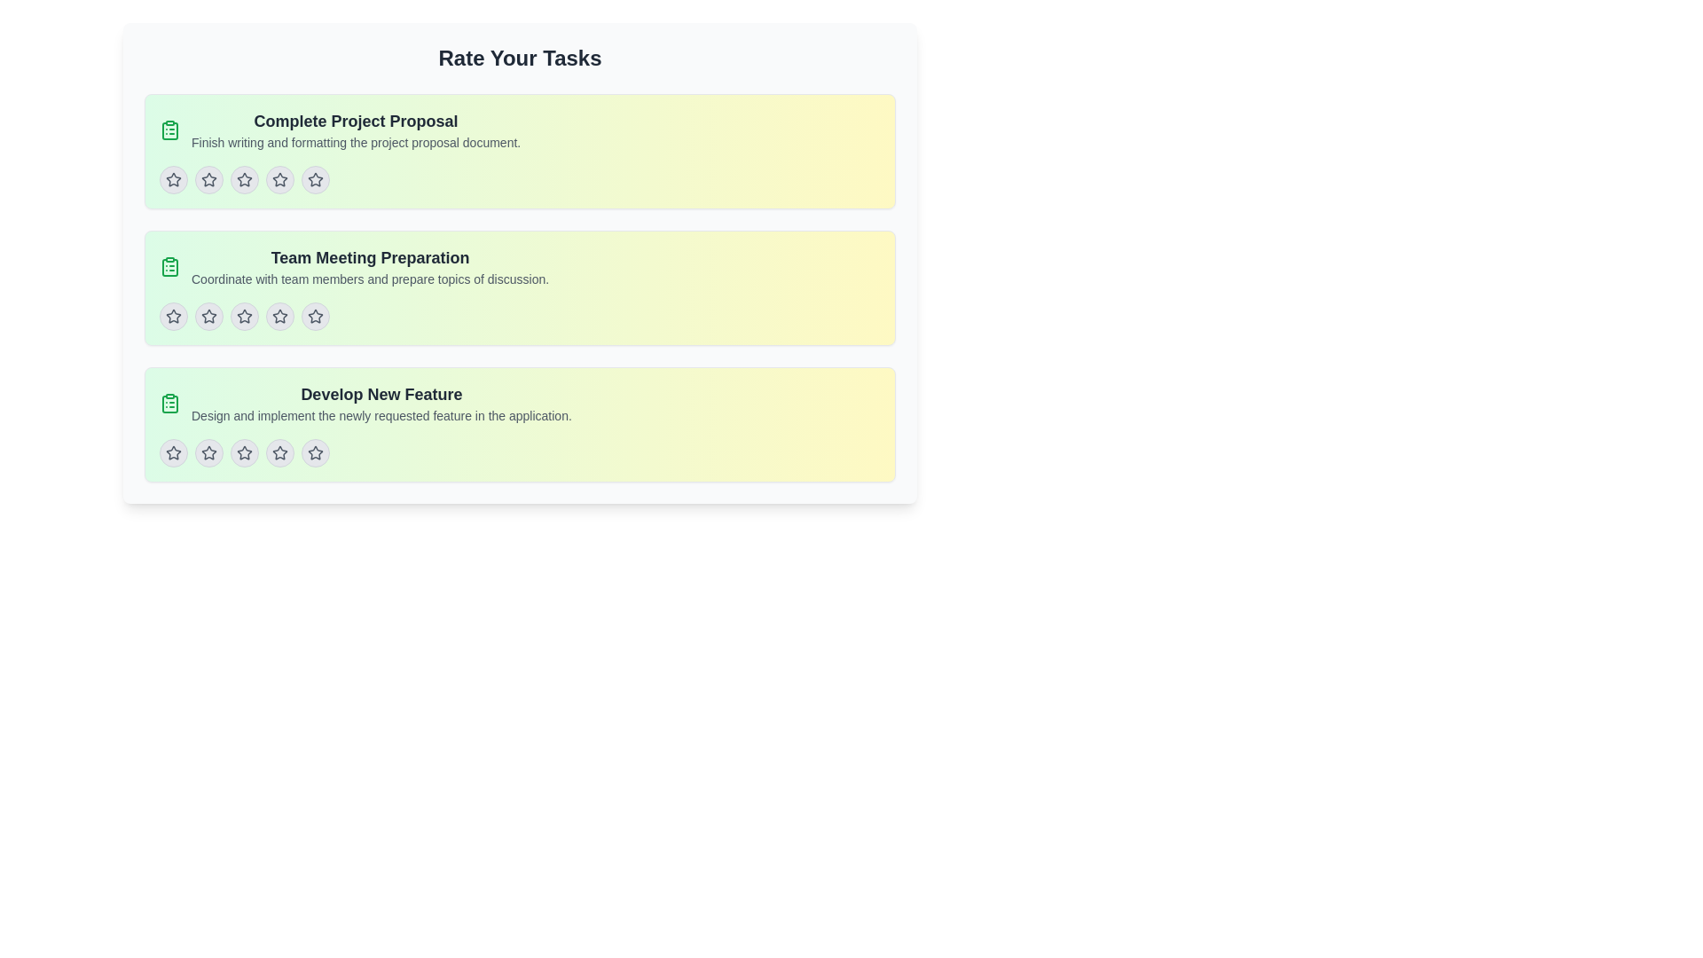  What do you see at coordinates (174, 180) in the screenshot?
I see `the first star icon in the row of five stars` at bounding box center [174, 180].